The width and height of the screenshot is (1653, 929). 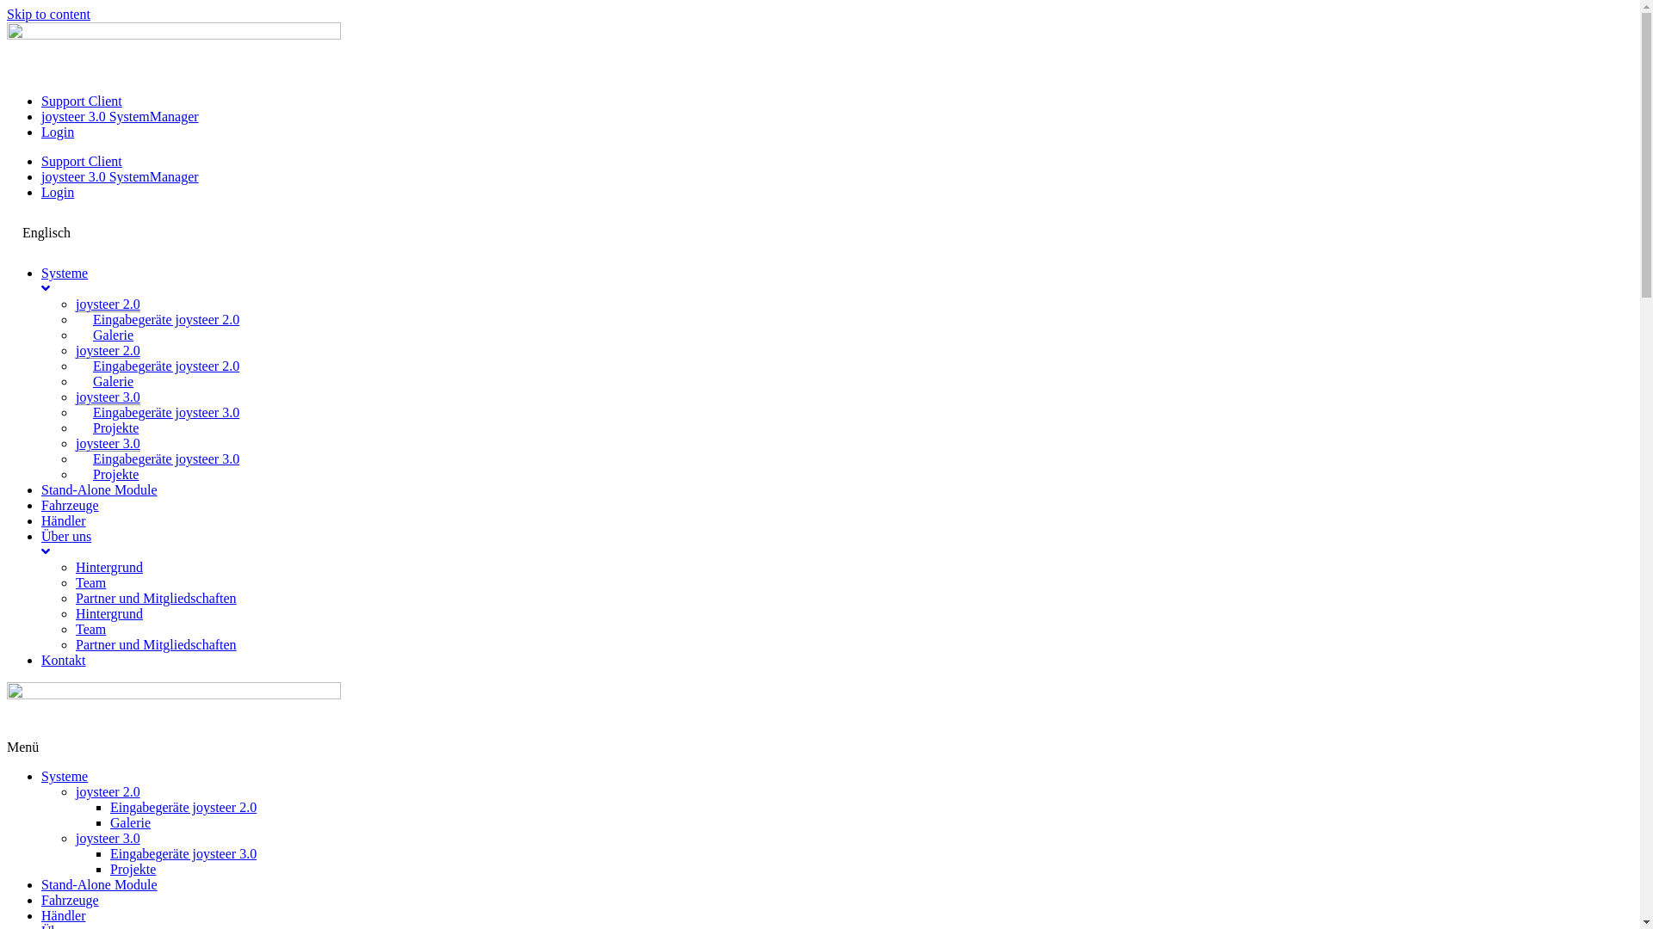 What do you see at coordinates (108, 567) in the screenshot?
I see `'Hintergrund'` at bounding box center [108, 567].